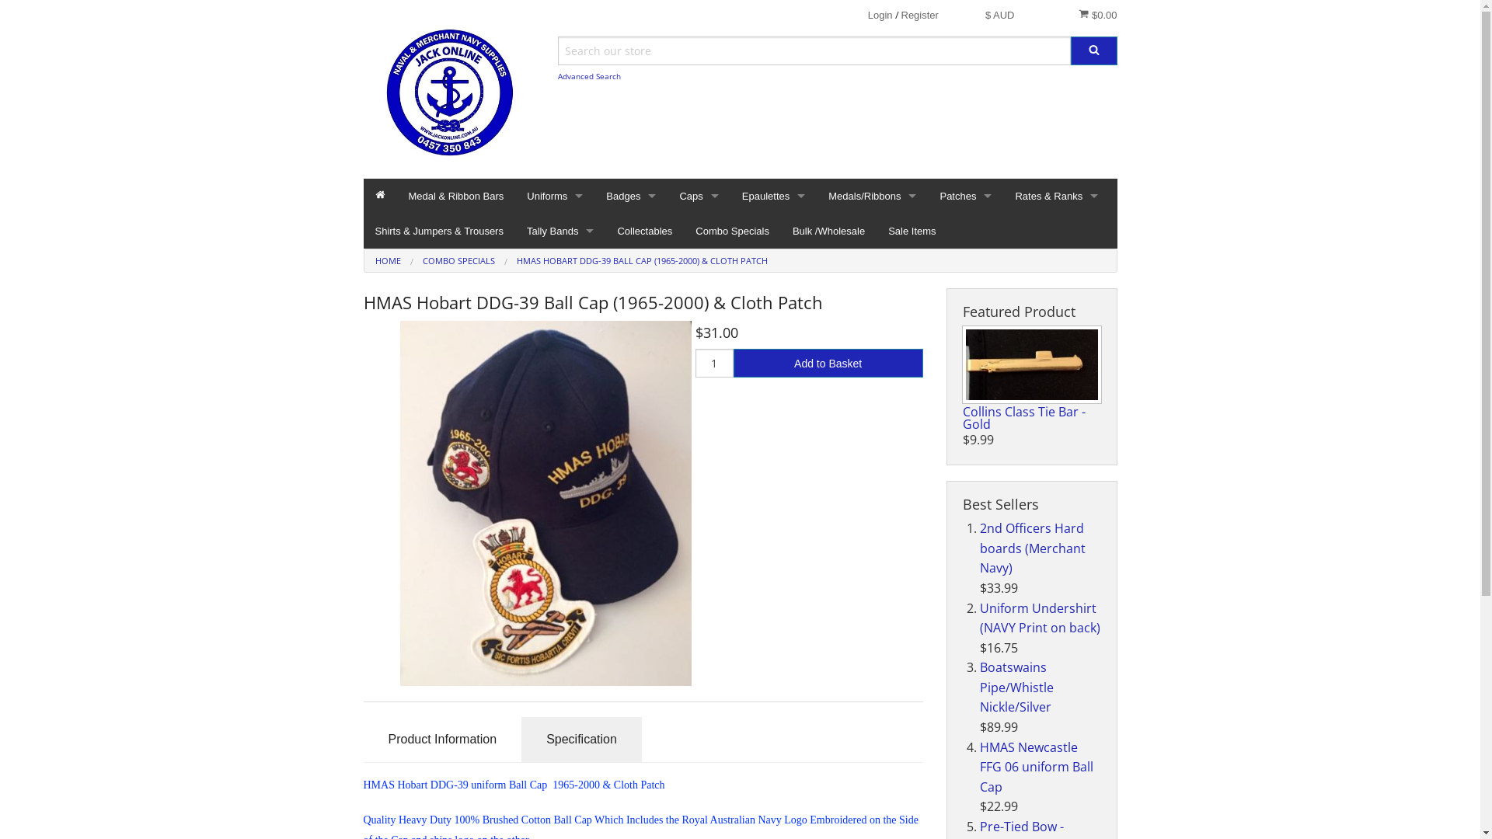 Image resolution: width=1492 pixels, height=839 pixels. What do you see at coordinates (816, 195) in the screenshot?
I see `'Medals/Ribbons'` at bounding box center [816, 195].